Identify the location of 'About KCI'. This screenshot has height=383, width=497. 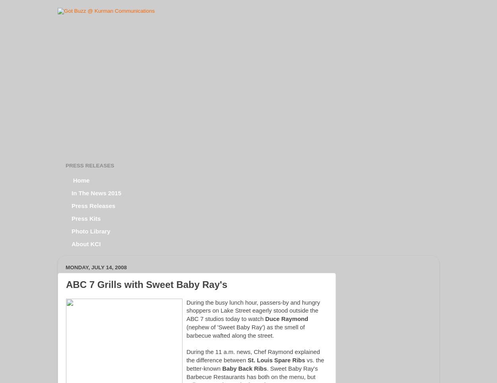
(85, 243).